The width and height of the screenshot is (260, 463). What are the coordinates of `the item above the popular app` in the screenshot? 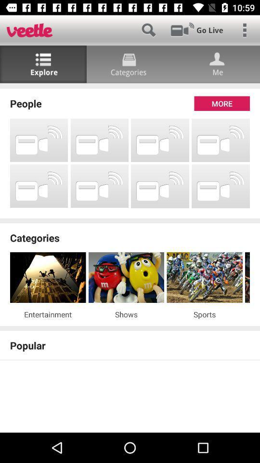 It's located at (130, 328).